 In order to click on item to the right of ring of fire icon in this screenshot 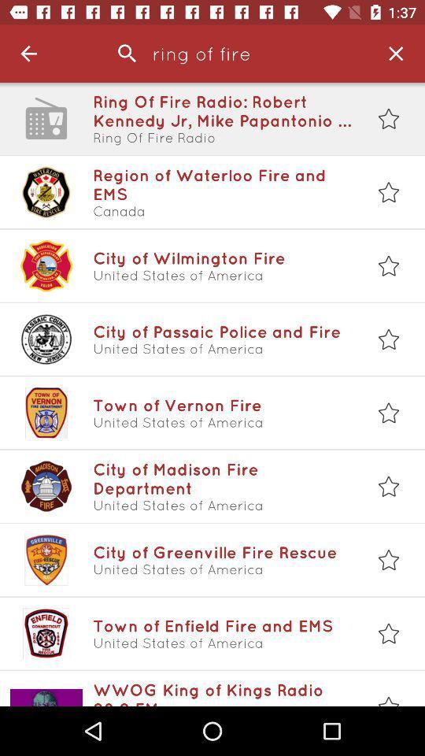, I will do `click(395, 54)`.